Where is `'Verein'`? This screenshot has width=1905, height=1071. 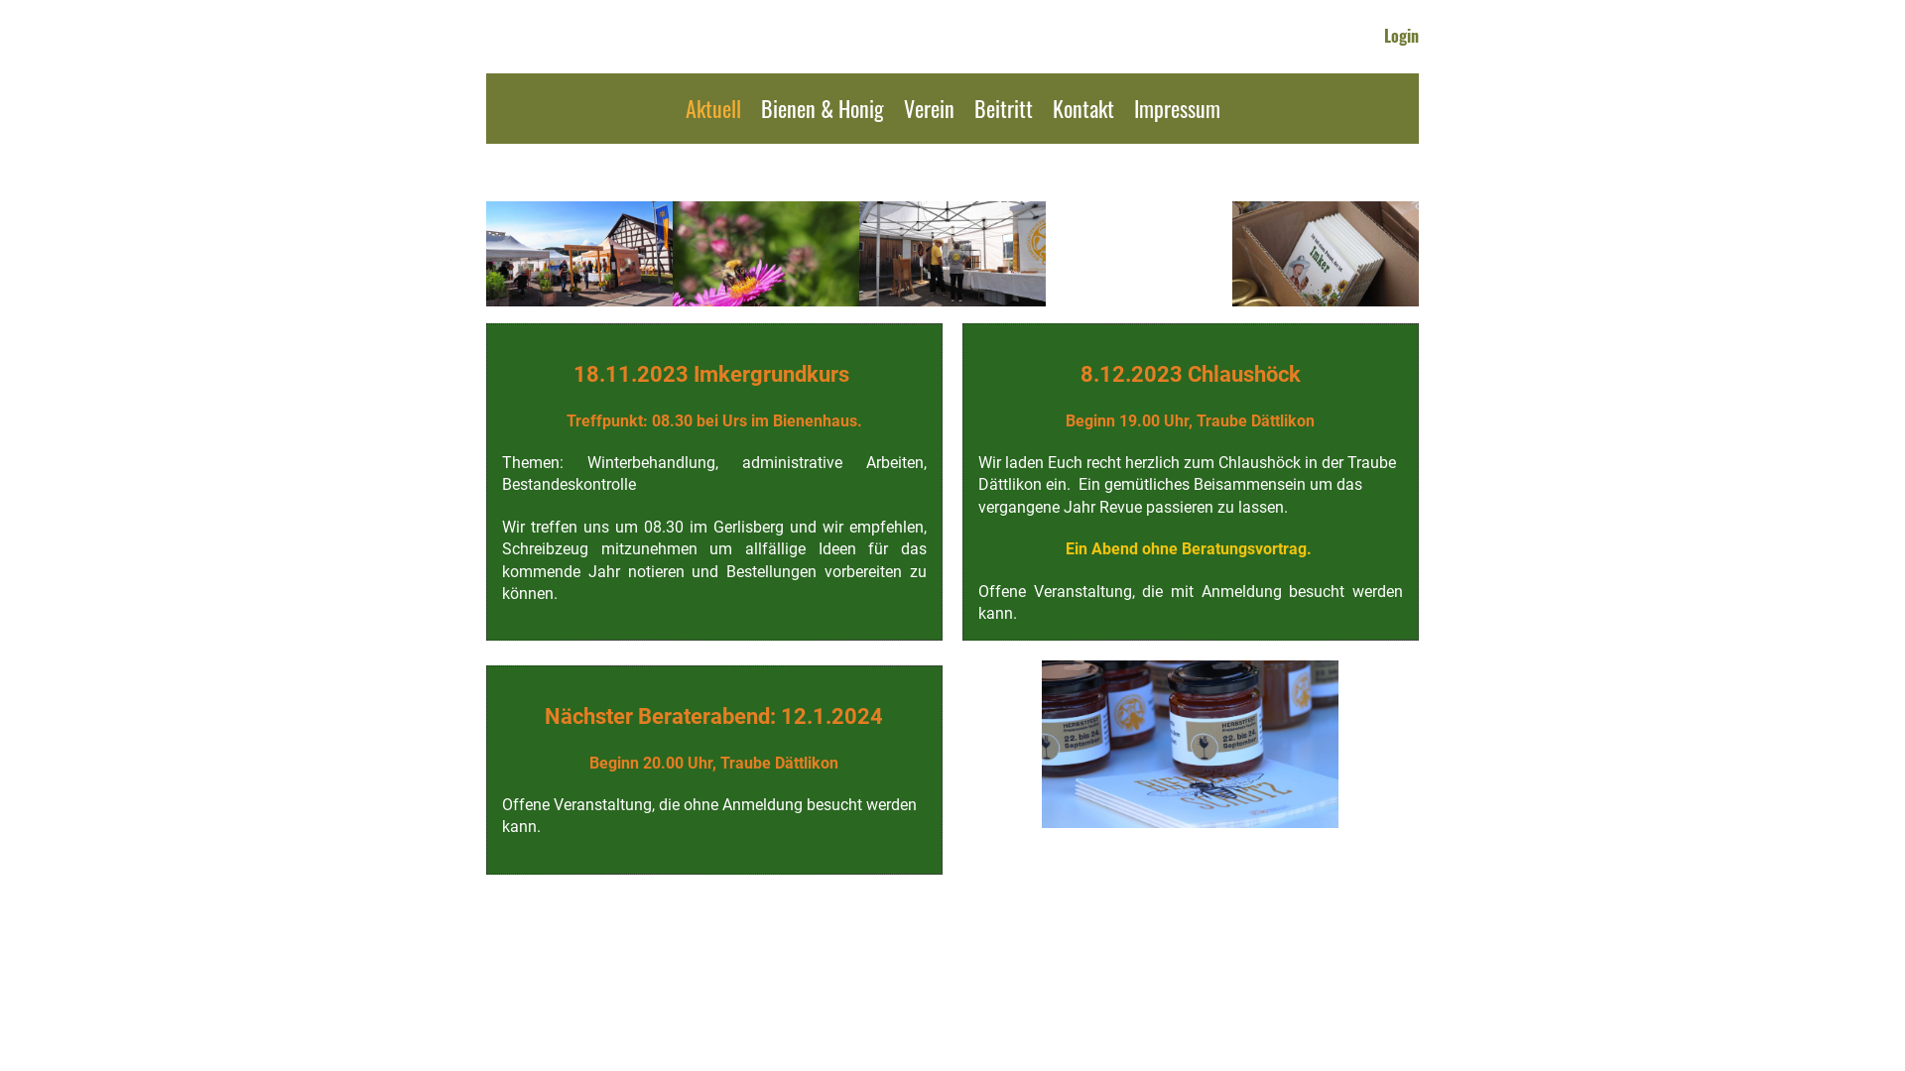 'Verein' is located at coordinates (927, 108).